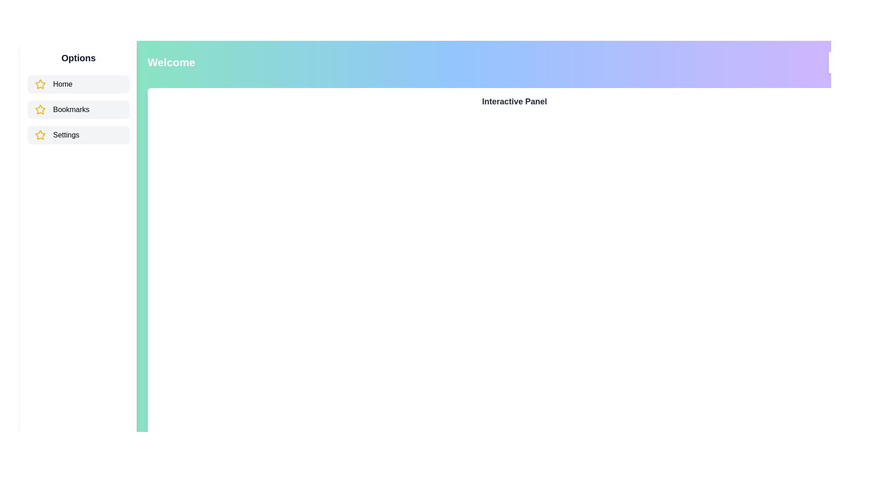 The height and width of the screenshot is (490, 872). Describe the element at coordinates (78, 135) in the screenshot. I see `the 'Settings' button, which has a light gray background and a yellow star icon on the left` at that location.